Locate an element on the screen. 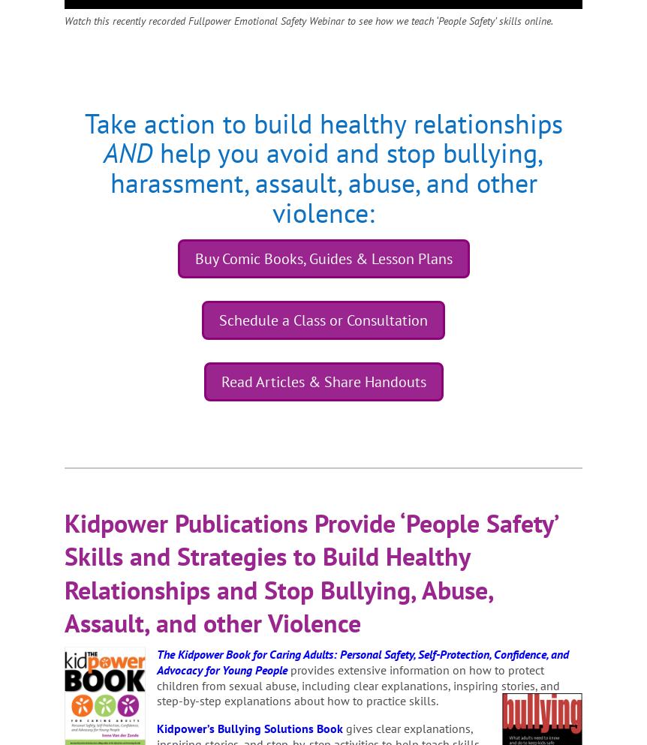  'Schedule a Class or Consultation' is located at coordinates (218, 320).